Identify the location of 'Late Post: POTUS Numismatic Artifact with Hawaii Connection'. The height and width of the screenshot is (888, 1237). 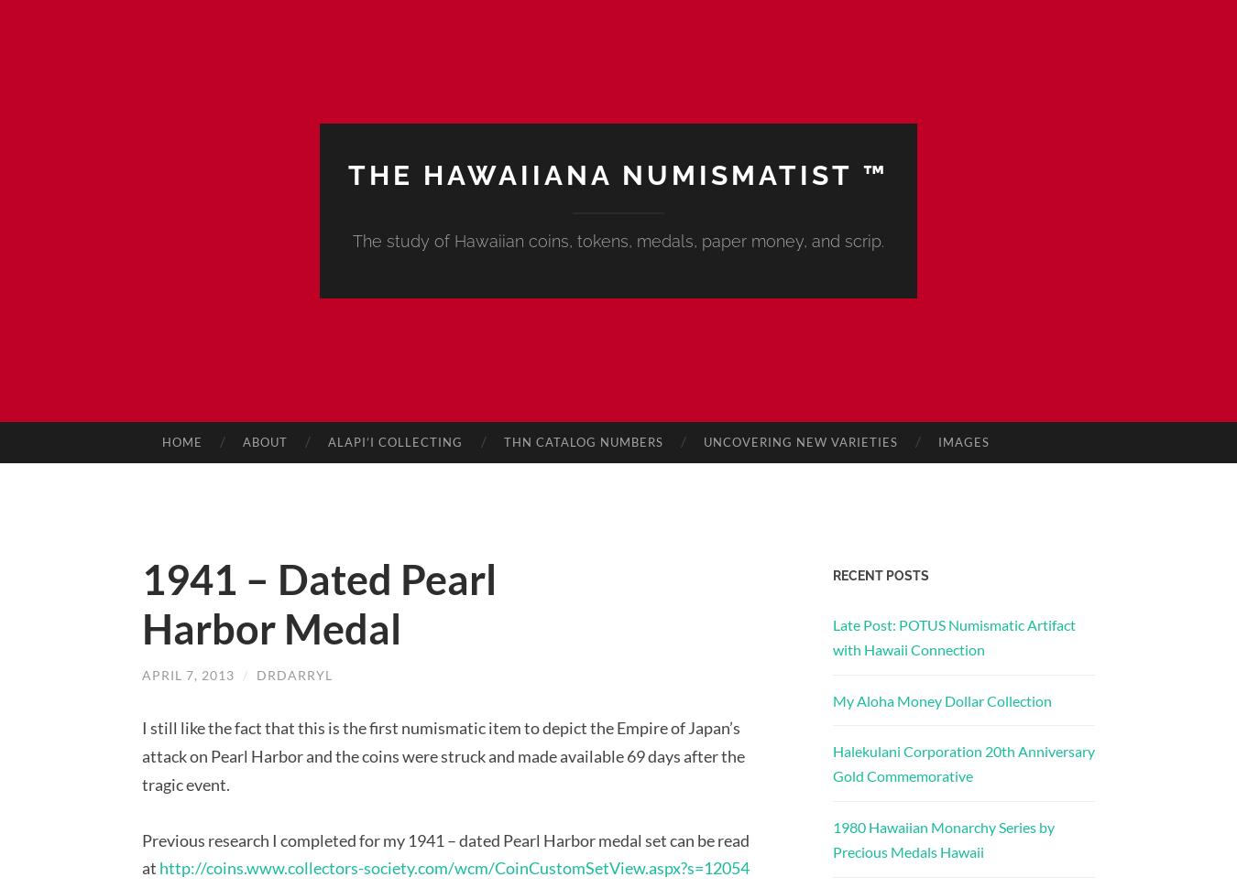
(954, 636).